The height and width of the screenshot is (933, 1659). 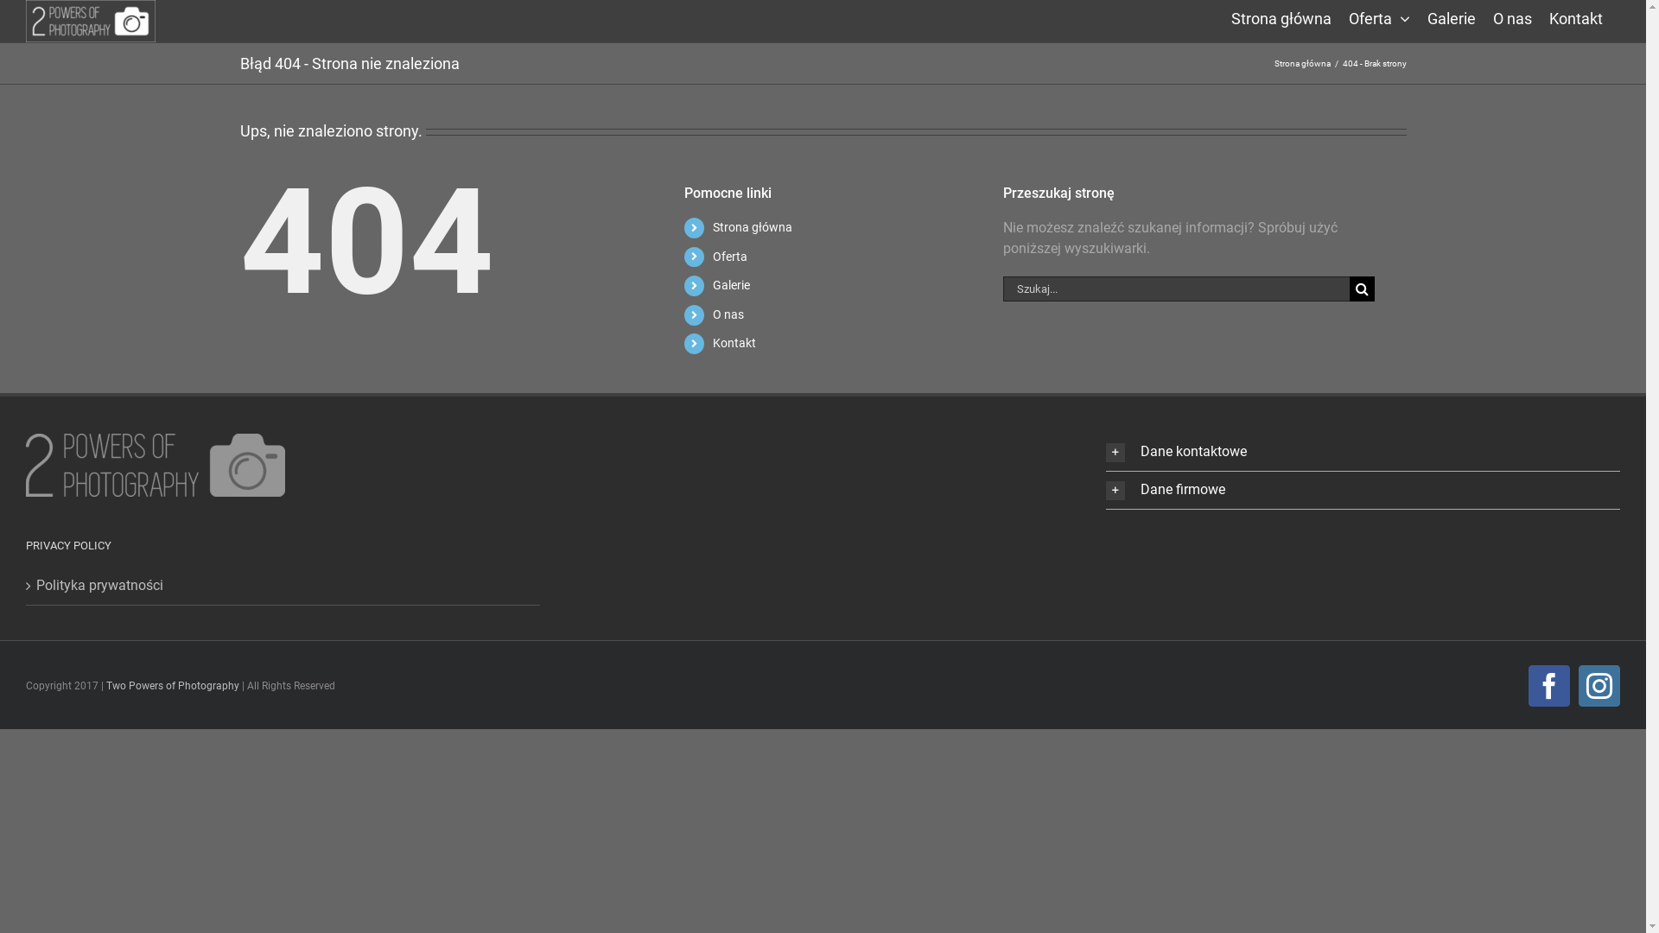 I want to click on 'Facebook', so click(x=1549, y=685).